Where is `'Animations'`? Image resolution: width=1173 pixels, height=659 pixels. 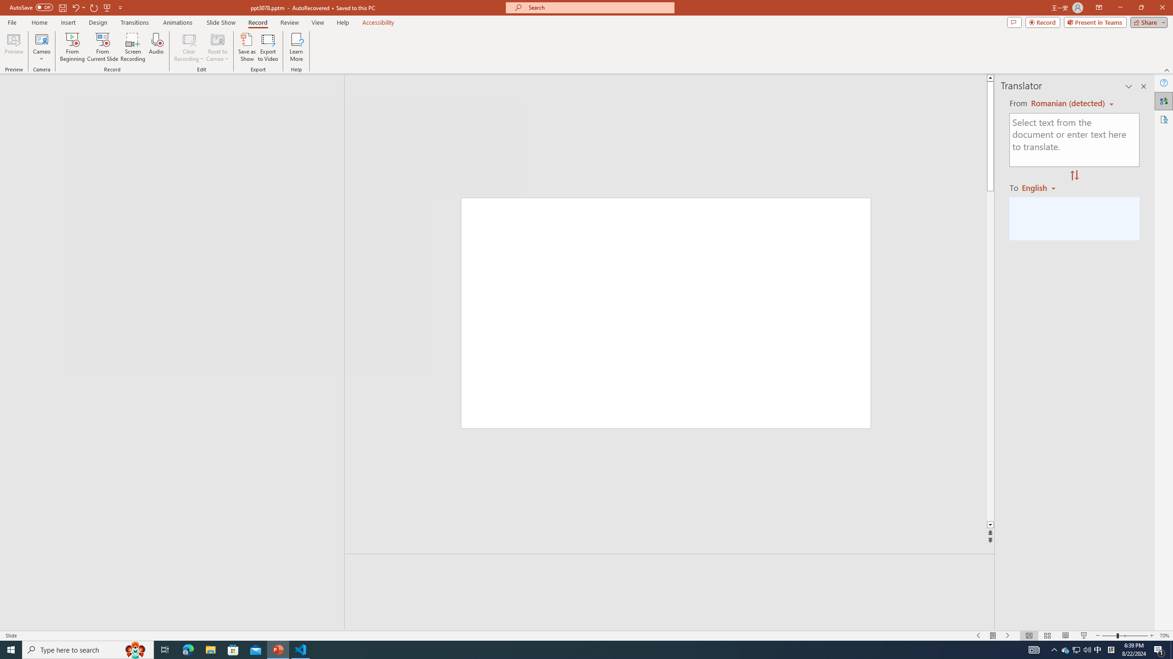 'Animations' is located at coordinates (177, 22).